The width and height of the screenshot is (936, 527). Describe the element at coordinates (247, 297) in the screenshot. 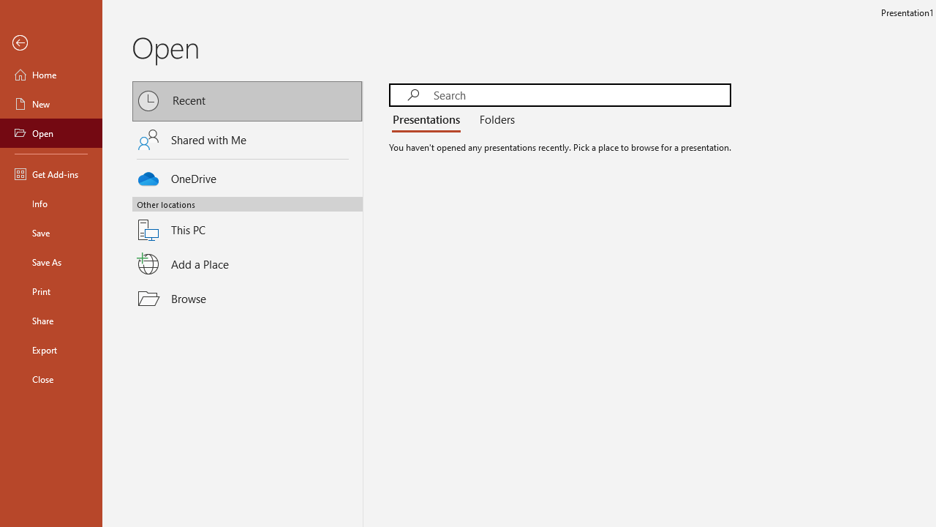

I see `'Browse'` at that location.